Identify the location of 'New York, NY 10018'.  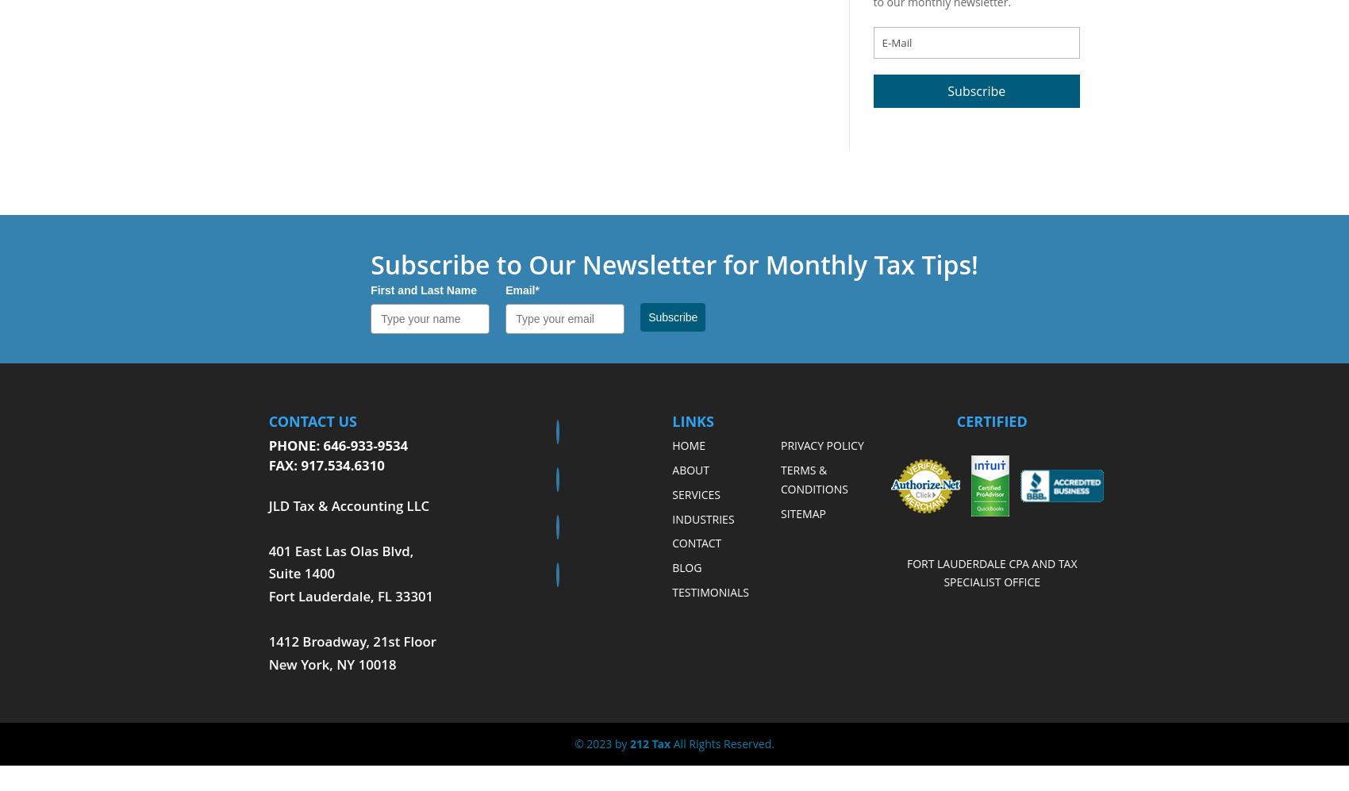
(331, 663).